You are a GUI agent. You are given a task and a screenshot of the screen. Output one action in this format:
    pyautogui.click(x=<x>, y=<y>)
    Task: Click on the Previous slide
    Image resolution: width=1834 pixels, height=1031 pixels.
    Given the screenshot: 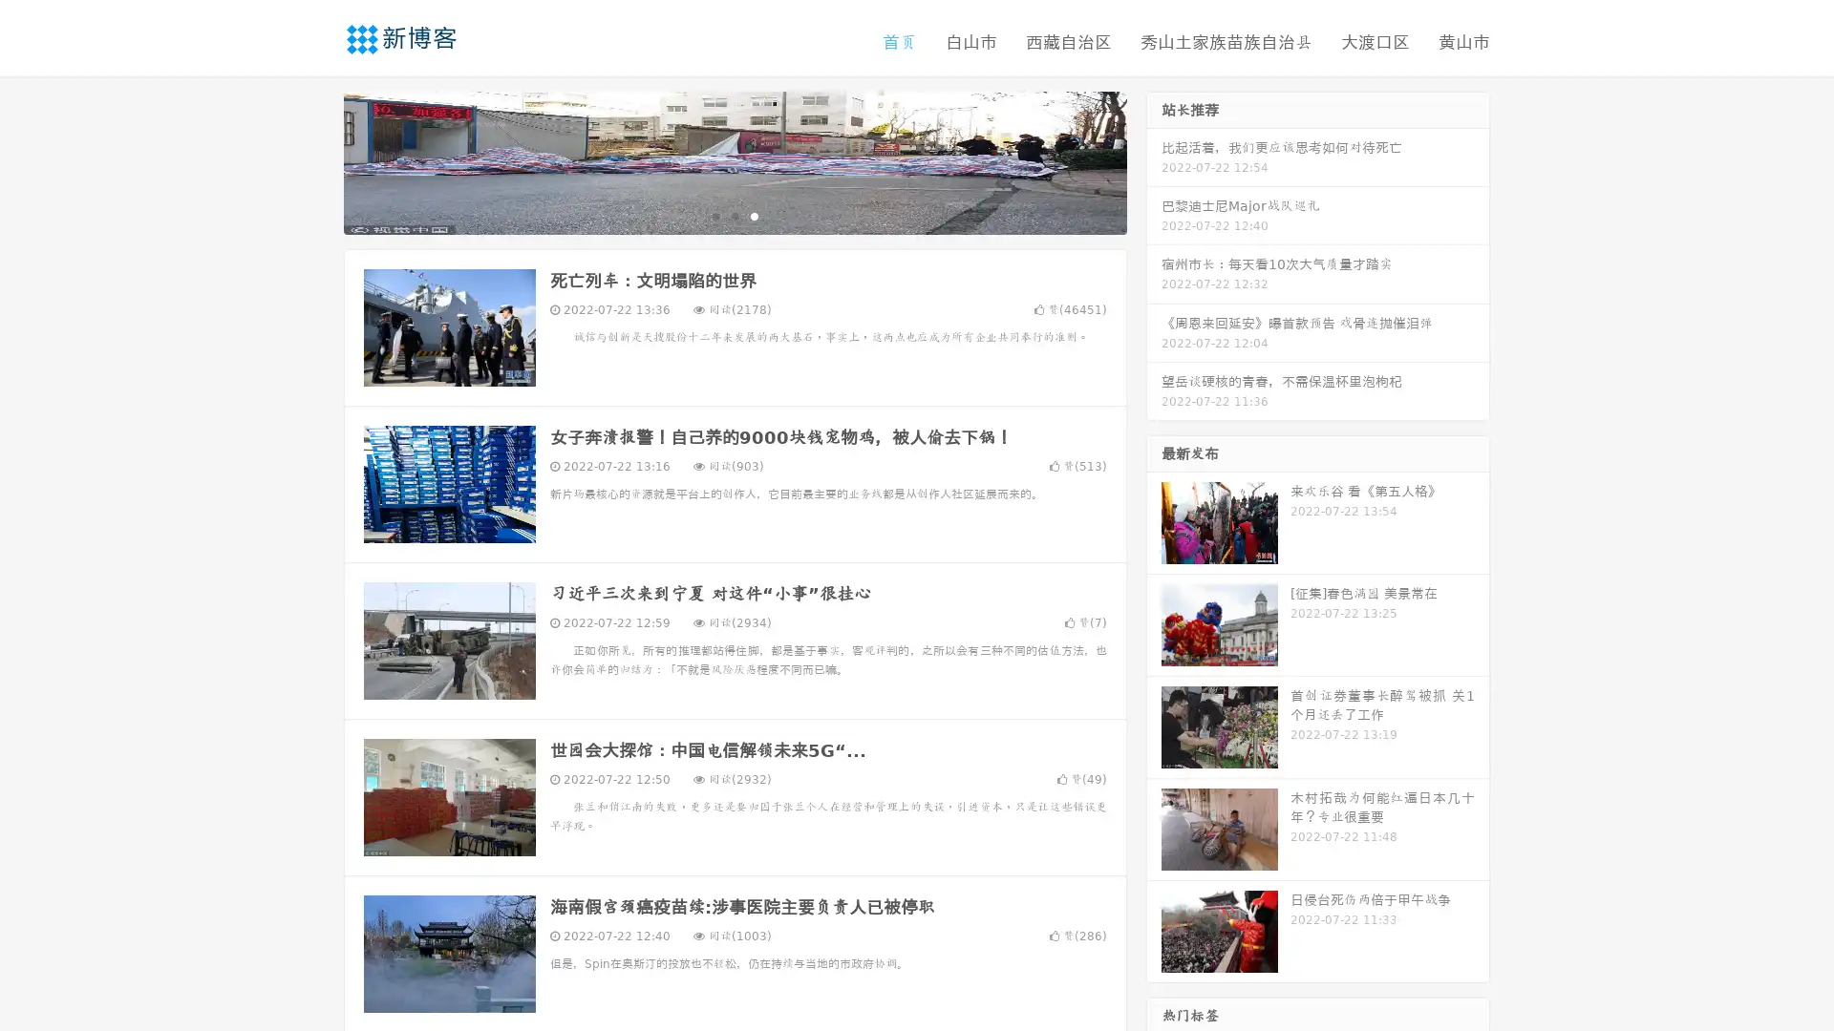 What is the action you would take?
    pyautogui.click(x=315, y=160)
    